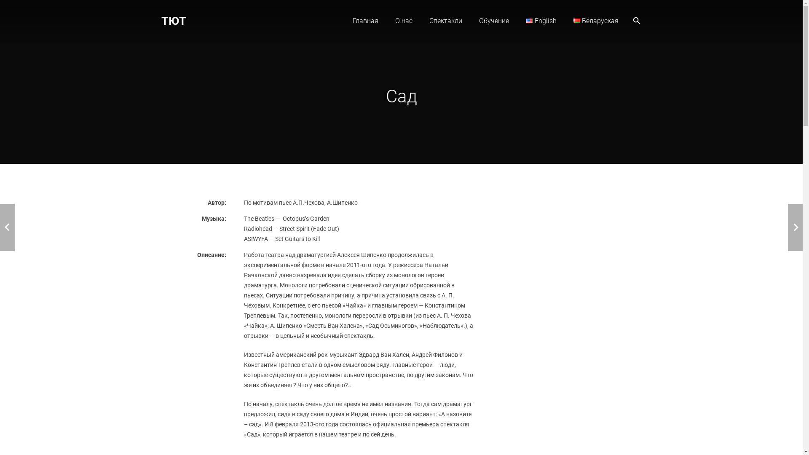  What do you see at coordinates (541, 21) in the screenshot?
I see `'English'` at bounding box center [541, 21].